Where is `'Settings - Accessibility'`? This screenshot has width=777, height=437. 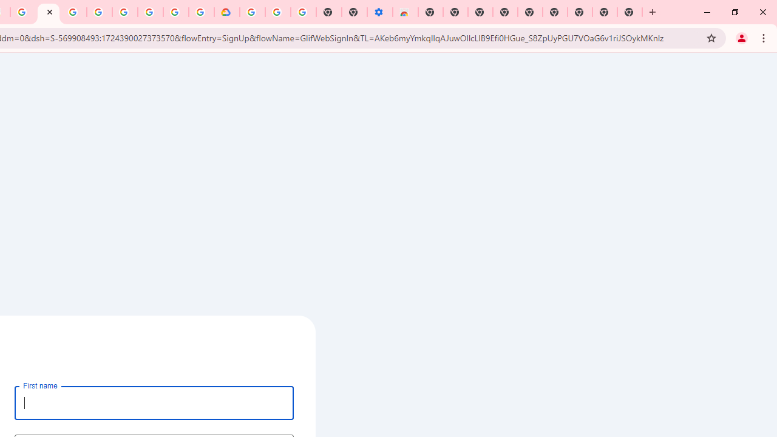 'Settings - Accessibility' is located at coordinates (379, 12).